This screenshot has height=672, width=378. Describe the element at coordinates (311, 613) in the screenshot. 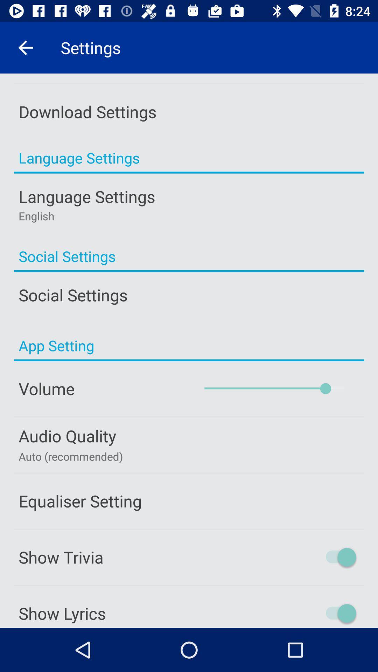

I see `show lyrics button` at that location.